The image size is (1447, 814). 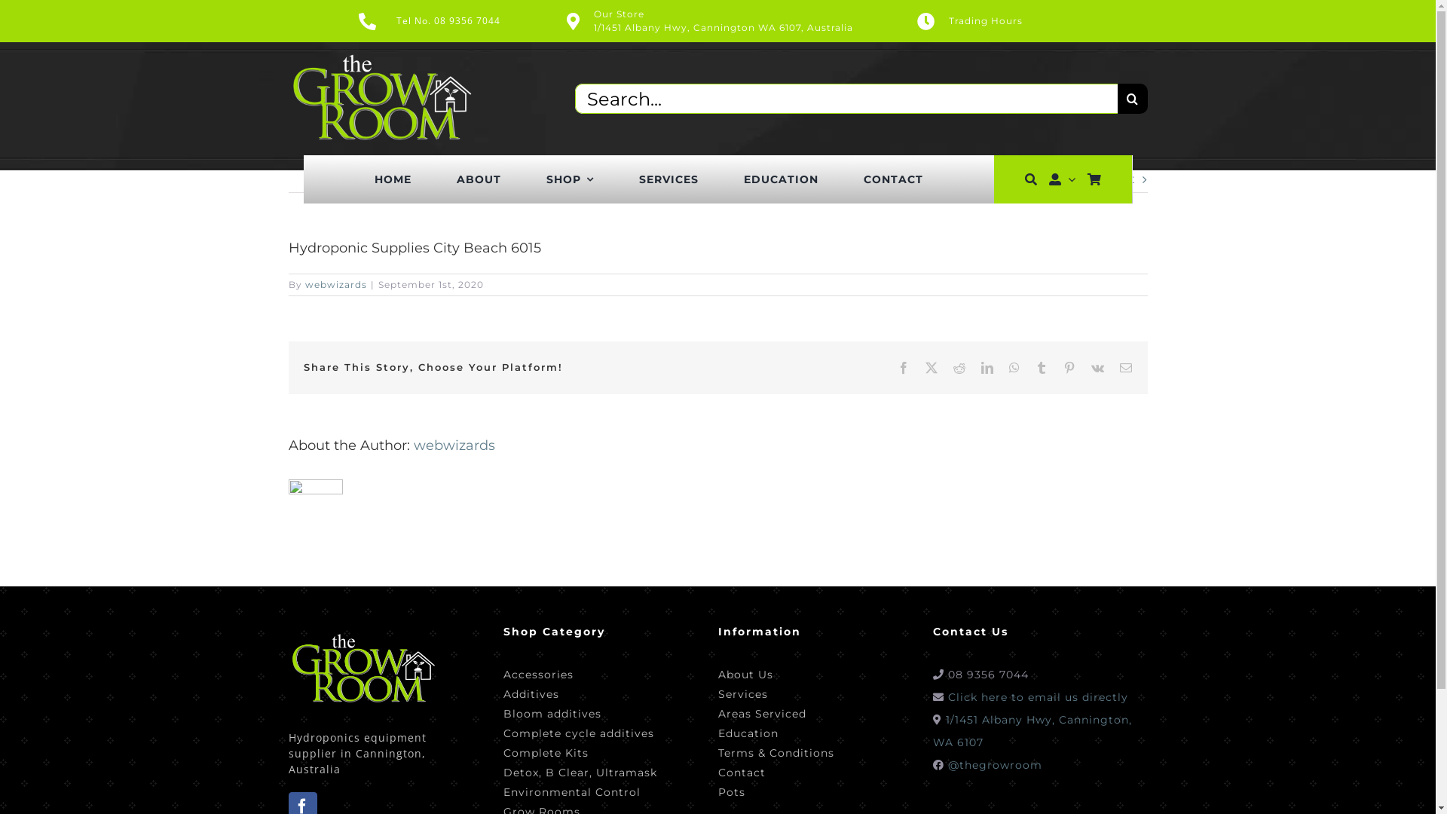 What do you see at coordinates (1068, 368) in the screenshot?
I see `'Pinterest'` at bounding box center [1068, 368].